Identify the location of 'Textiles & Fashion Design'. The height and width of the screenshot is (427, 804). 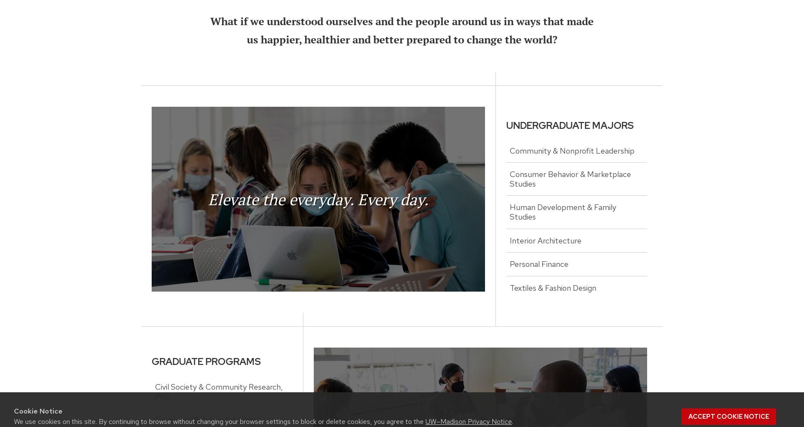
(552, 287).